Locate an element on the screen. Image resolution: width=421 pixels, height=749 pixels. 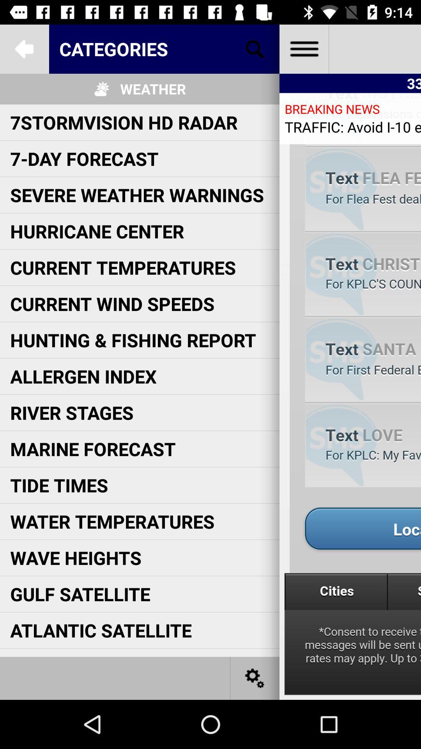
the search button is located at coordinates (255, 48).